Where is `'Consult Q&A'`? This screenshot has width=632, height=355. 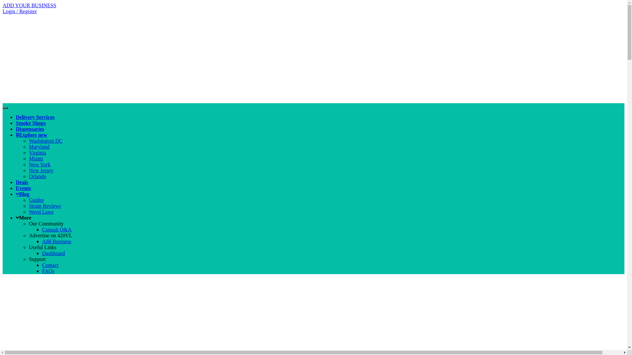 'Consult Q&A' is located at coordinates (57, 229).